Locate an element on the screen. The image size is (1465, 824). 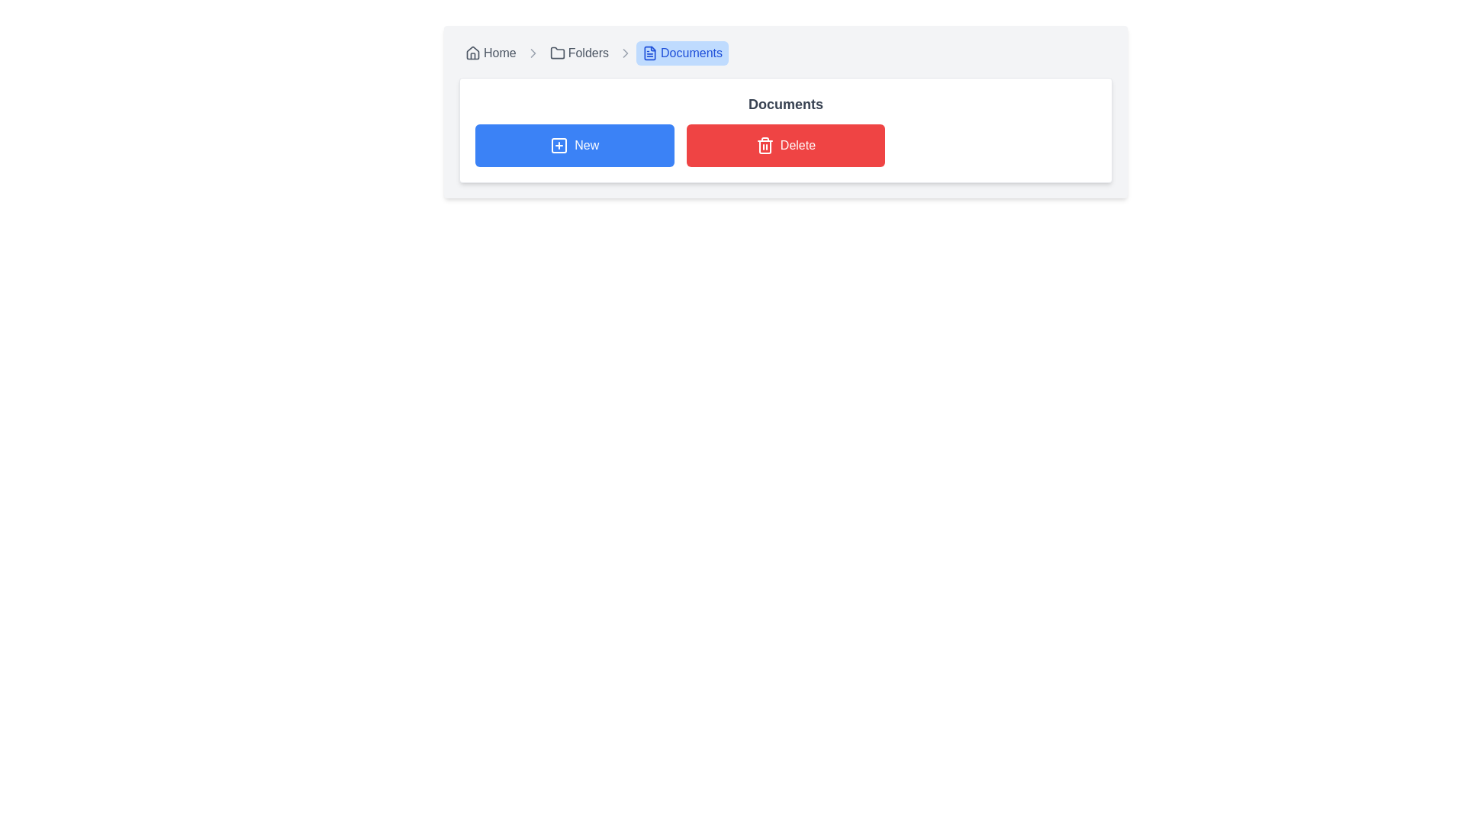
the Chevron icon that visually separates the 'Folders' and 'Documents' breadcrumb items in the navigation bar is located at coordinates (533, 52).